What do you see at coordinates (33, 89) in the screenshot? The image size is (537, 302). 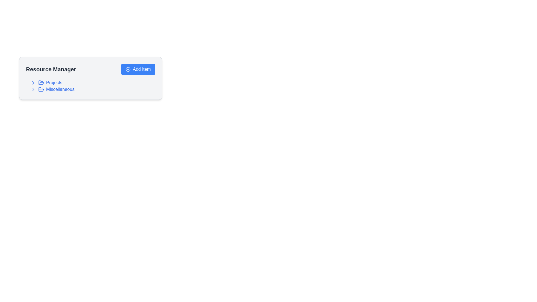 I see `the right-chevron icon` at bounding box center [33, 89].